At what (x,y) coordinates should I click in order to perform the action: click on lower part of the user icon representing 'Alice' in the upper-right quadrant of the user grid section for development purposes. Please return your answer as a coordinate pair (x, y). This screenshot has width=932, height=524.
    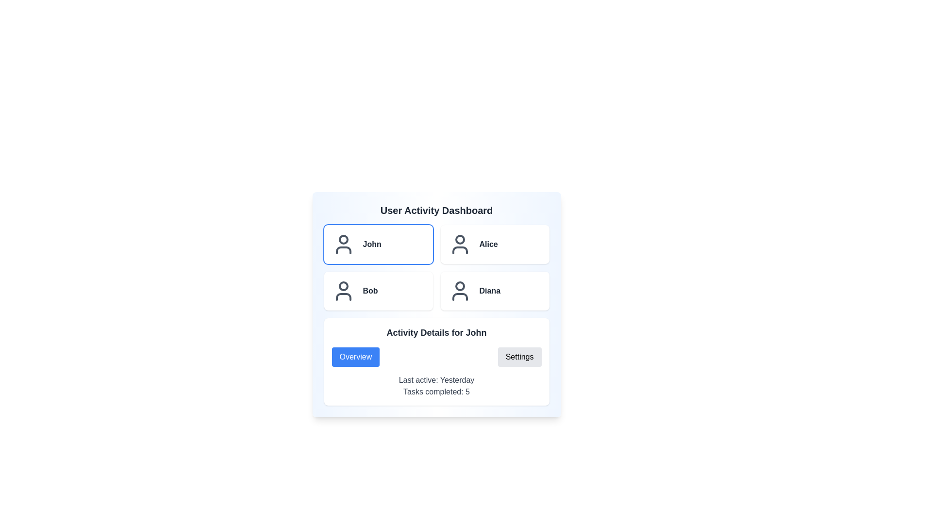
    Looking at the image, I should click on (459, 250).